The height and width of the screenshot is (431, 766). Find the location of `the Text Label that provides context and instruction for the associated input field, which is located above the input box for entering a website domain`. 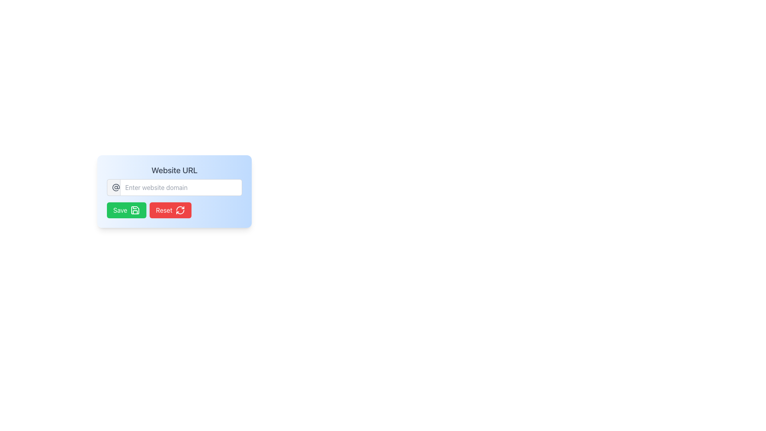

the Text Label that provides context and instruction for the associated input field, which is located above the input box for entering a website domain is located at coordinates (174, 170).